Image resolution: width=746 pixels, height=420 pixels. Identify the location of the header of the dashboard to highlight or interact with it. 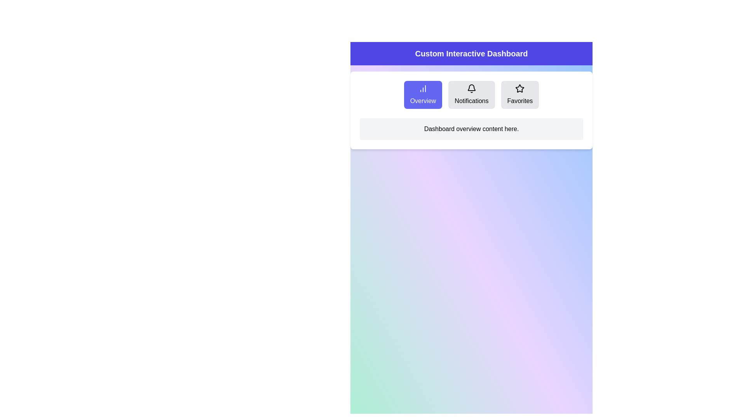
(471, 53).